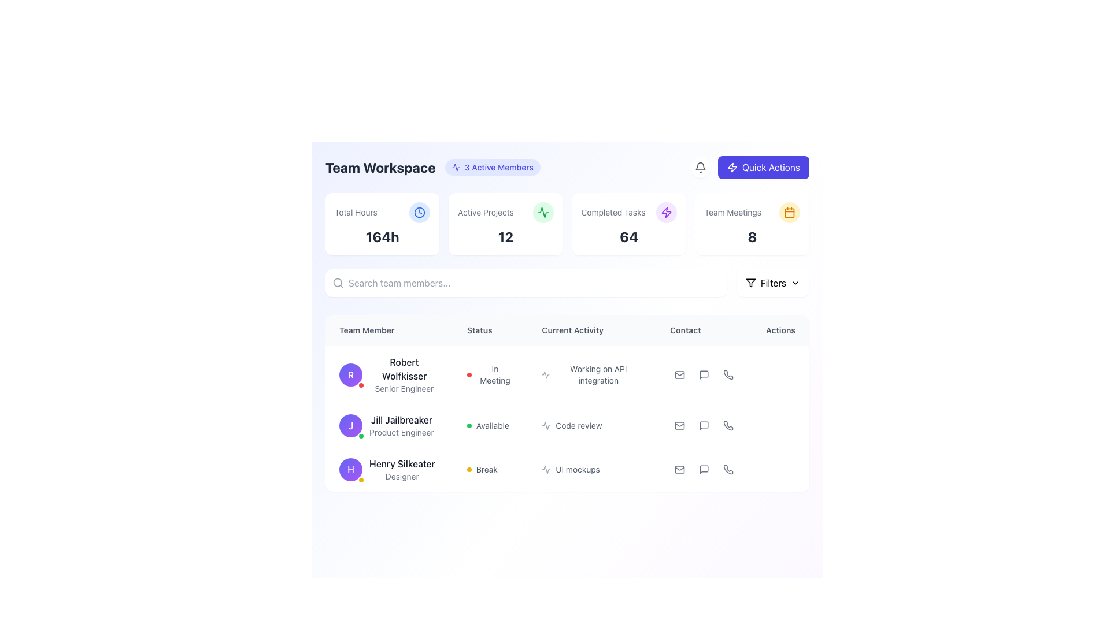 Image resolution: width=1110 pixels, height=624 pixels. What do you see at coordinates (727, 374) in the screenshot?
I see `the phone call icon located in the 'Actions' column of the first row in the table listing team members' details to initiate a phone call` at bounding box center [727, 374].